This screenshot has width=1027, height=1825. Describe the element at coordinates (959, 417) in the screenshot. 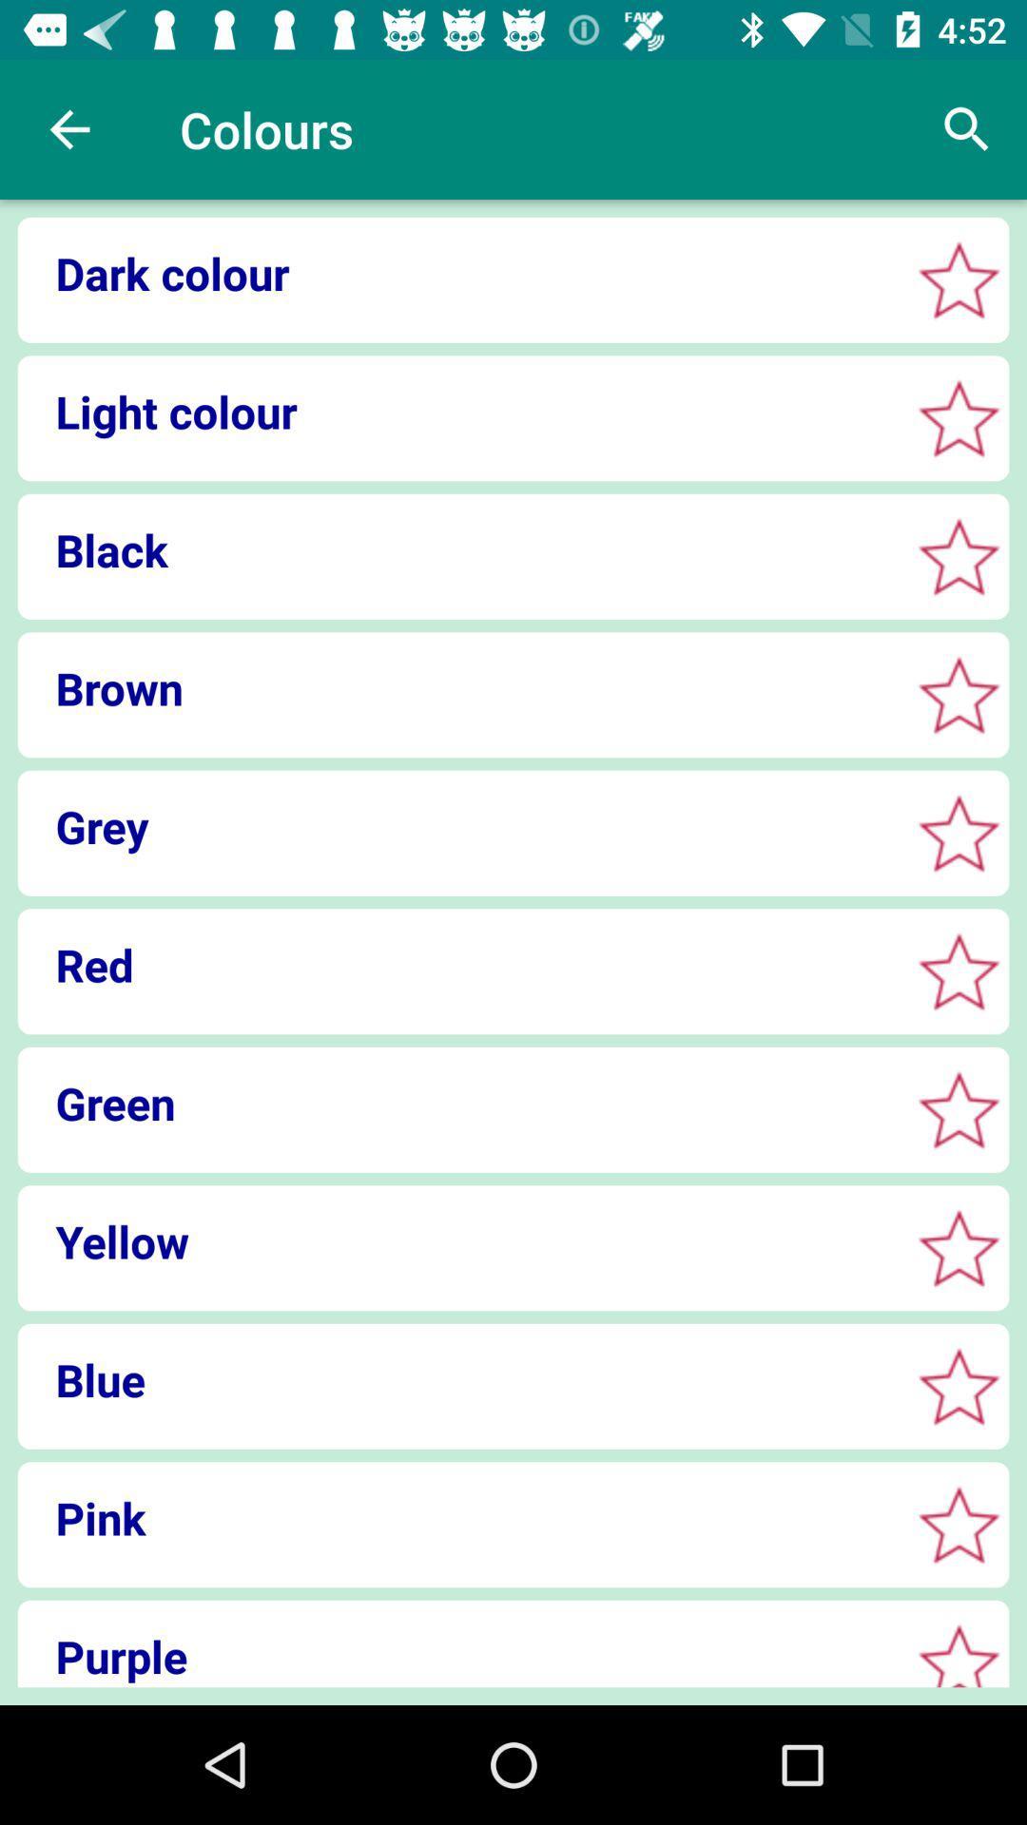

I see `like light colour` at that location.